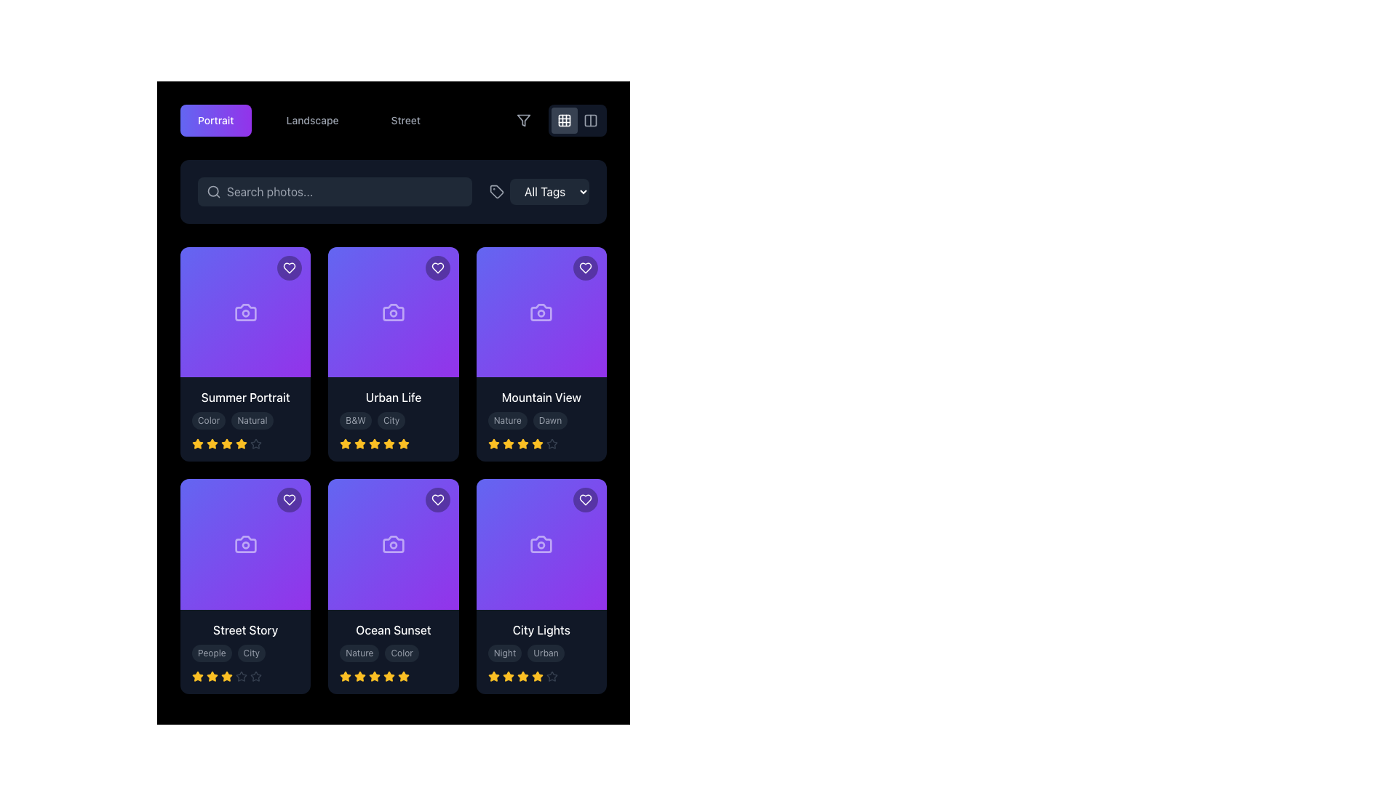  I want to click on the heart-shaped favorite icon located in the top-right corner of the 'Ocean Sunset' card, so click(437, 499).